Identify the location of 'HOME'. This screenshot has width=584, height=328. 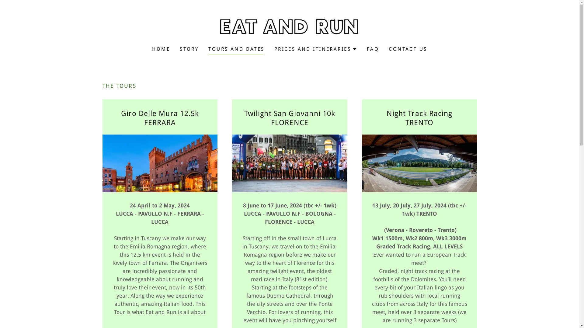
(161, 49).